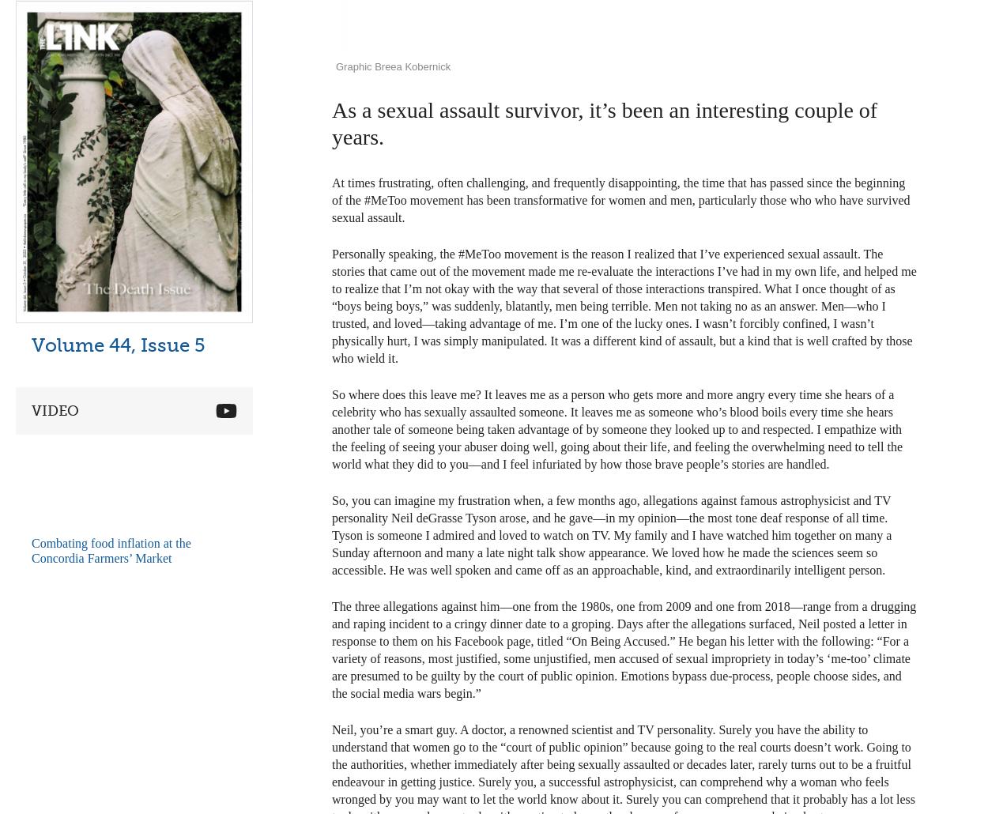  Describe the element at coordinates (55, 411) in the screenshot. I see `'Video'` at that location.